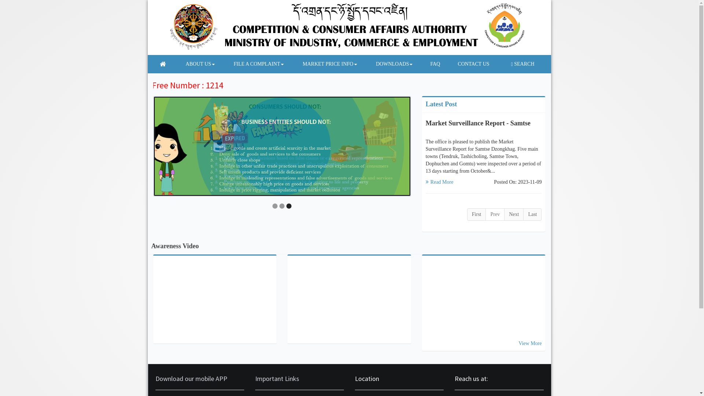  Describe the element at coordinates (418, 63) in the screenshot. I see `'FAQ'` at that location.